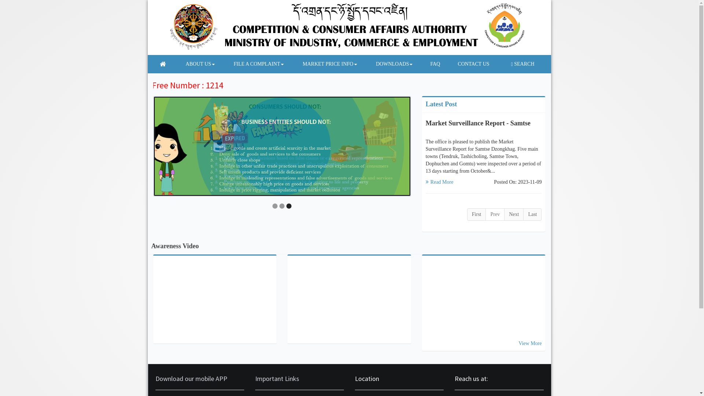  Describe the element at coordinates (418, 63) in the screenshot. I see `'FAQ'` at that location.